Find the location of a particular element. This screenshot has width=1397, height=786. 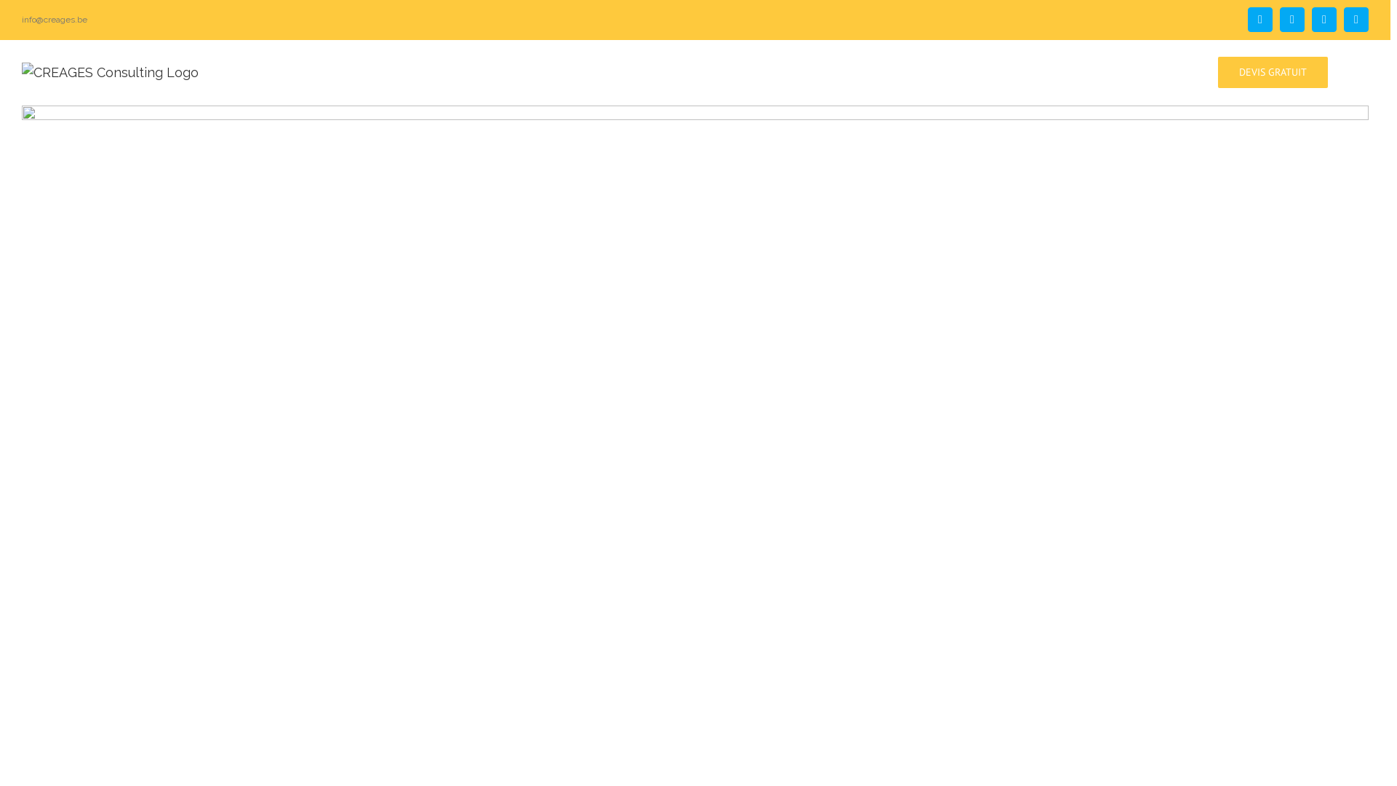

'DEVIS GRATUIT' is located at coordinates (1272, 71).